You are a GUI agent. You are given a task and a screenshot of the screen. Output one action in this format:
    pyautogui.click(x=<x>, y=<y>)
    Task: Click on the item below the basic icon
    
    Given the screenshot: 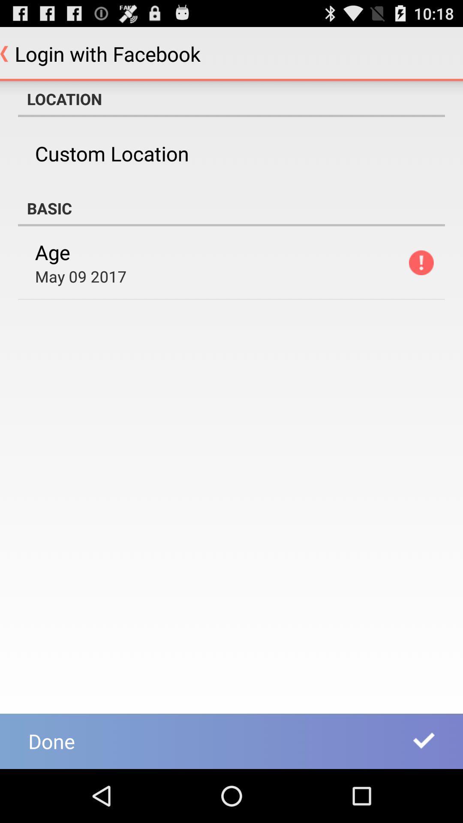 What is the action you would take?
    pyautogui.click(x=421, y=262)
    